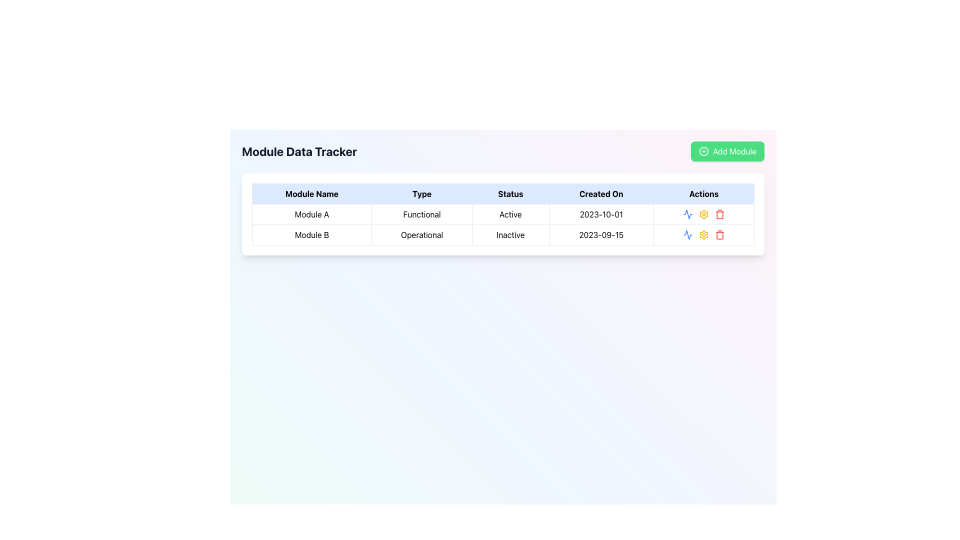  What do you see at coordinates (703, 194) in the screenshot?
I see `the 'Actions' header text label, which is the fifth item in the header row of a data table, styled with bold black text and a simple border, positioned to the far right adjacent to 'Created On'` at bounding box center [703, 194].